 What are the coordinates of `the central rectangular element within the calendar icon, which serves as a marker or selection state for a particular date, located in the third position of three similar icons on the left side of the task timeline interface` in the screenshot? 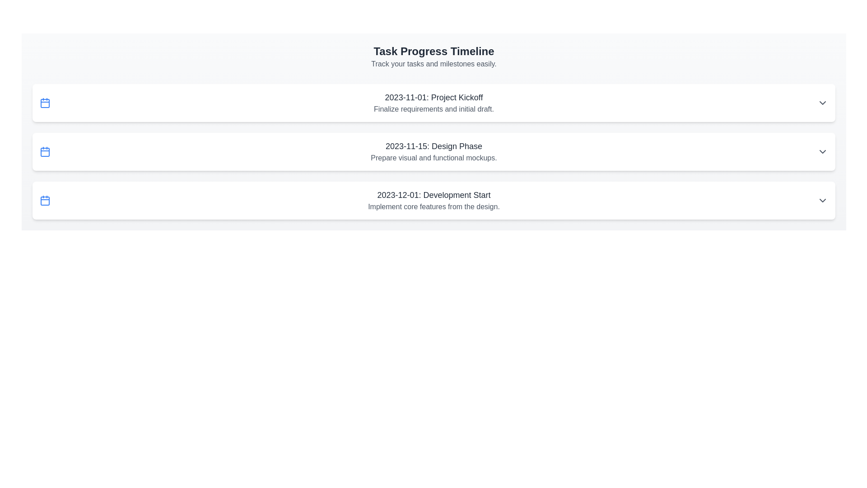 It's located at (45, 151).